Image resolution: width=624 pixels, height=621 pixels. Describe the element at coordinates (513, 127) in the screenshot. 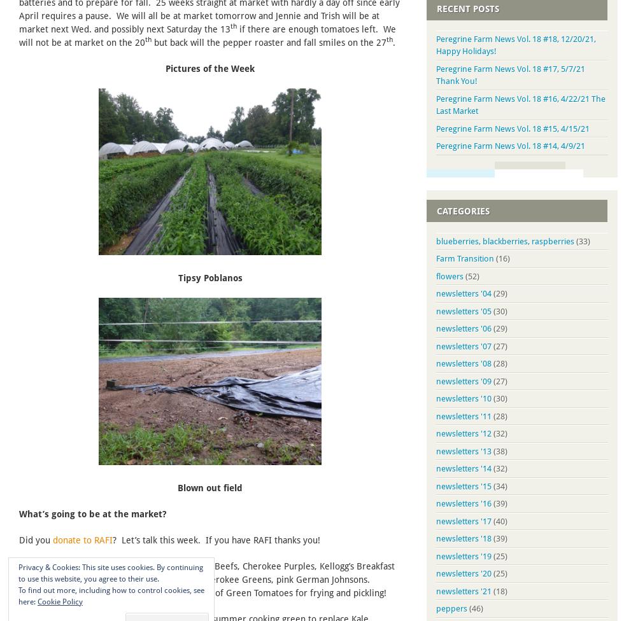

I see `'Peregrine Farm News Vol. 18 #15, 4/15/21'` at that location.